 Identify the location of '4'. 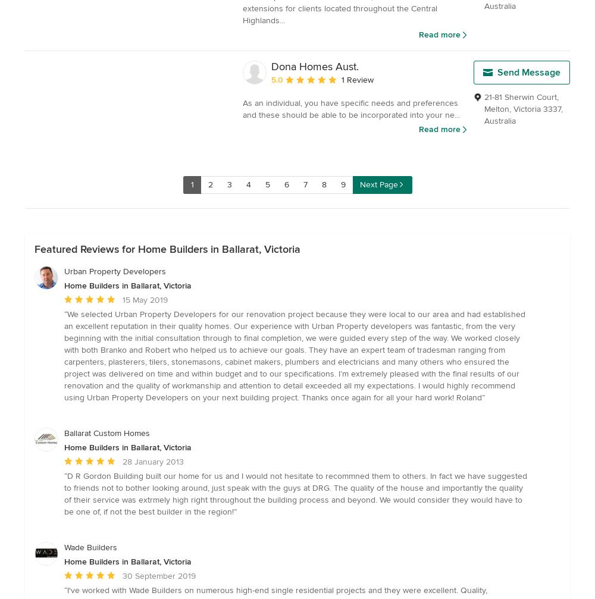
(248, 184).